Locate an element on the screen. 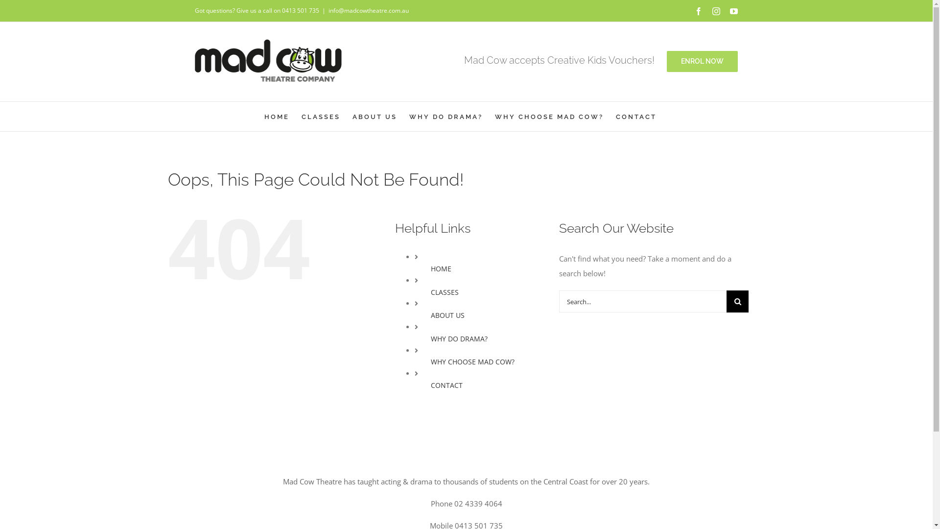  'CONTACT' is located at coordinates (446, 385).